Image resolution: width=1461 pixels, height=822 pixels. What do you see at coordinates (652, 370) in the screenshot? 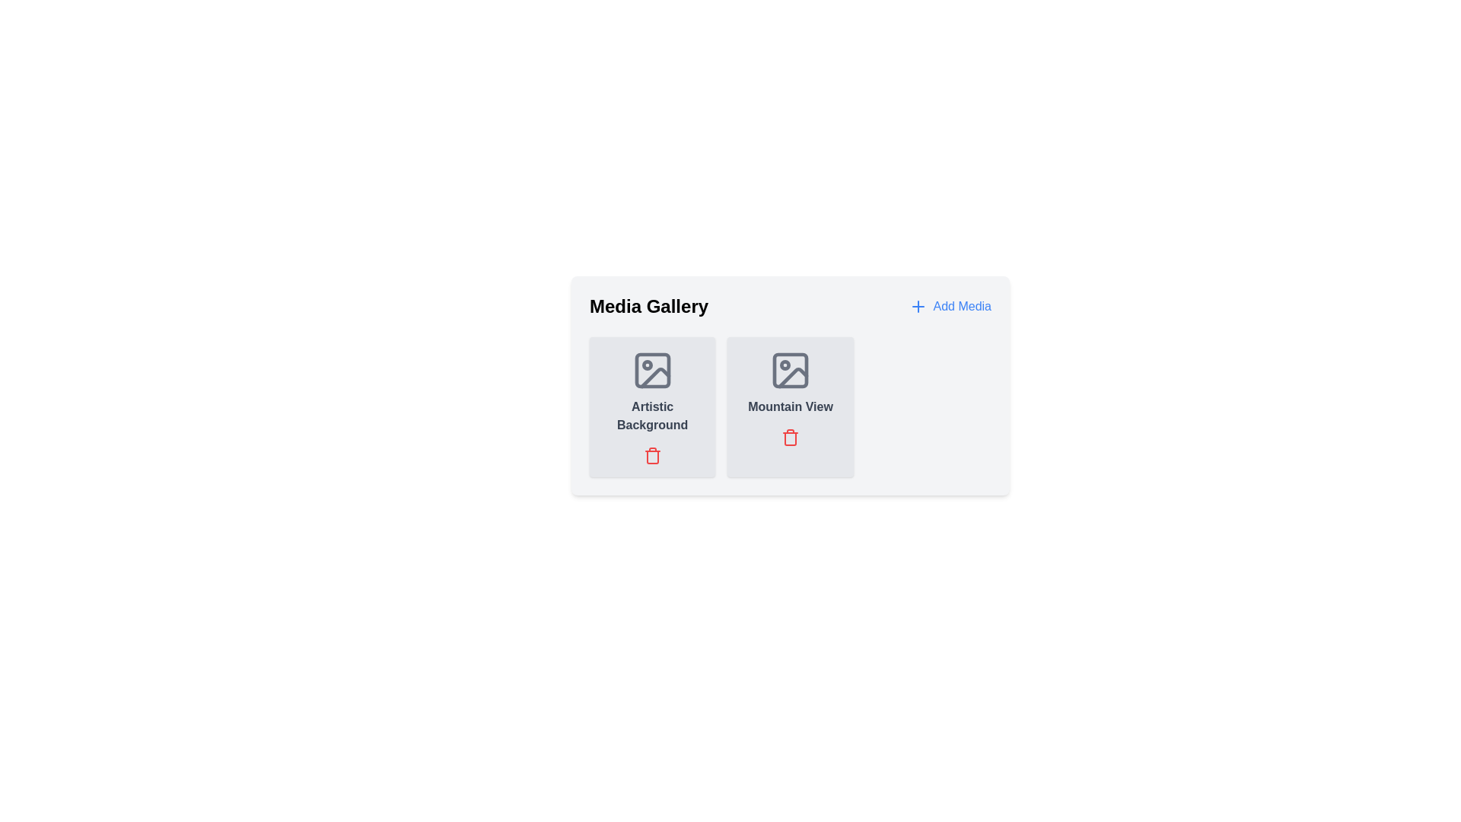
I see `the gray-outline icon resembling a generic image representation located in the first grid item of the 'Media Gallery' section, positioned above the text 'Artistic Background'` at bounding box center [652, 370].